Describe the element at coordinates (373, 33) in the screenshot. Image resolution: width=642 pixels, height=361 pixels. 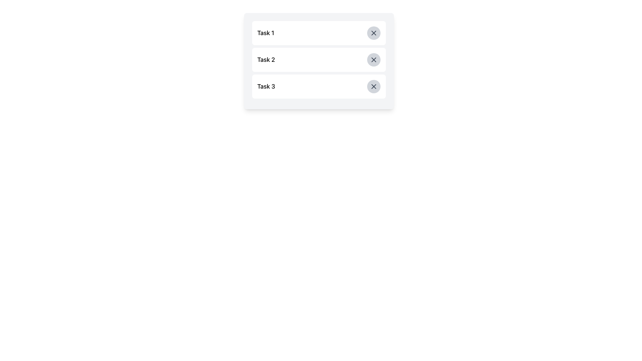
I see `the circular gray button with an 'X' icon within the 'Task 1' entry` at that location.